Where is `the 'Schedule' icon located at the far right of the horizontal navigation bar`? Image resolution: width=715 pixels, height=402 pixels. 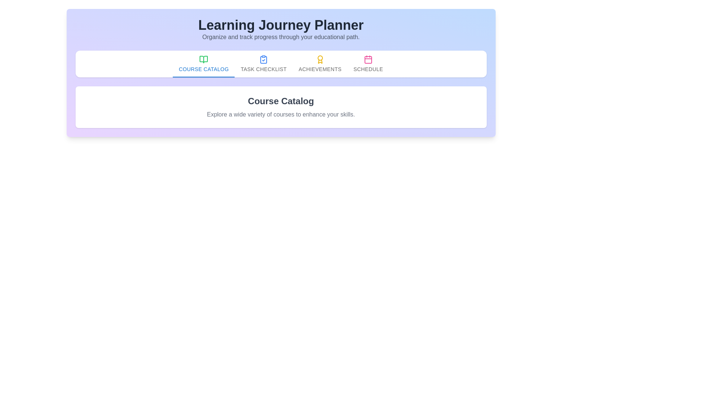
the 'Schedule' icon located at the far right of the horizontal navigation bar is located at coordinates (368, 60).